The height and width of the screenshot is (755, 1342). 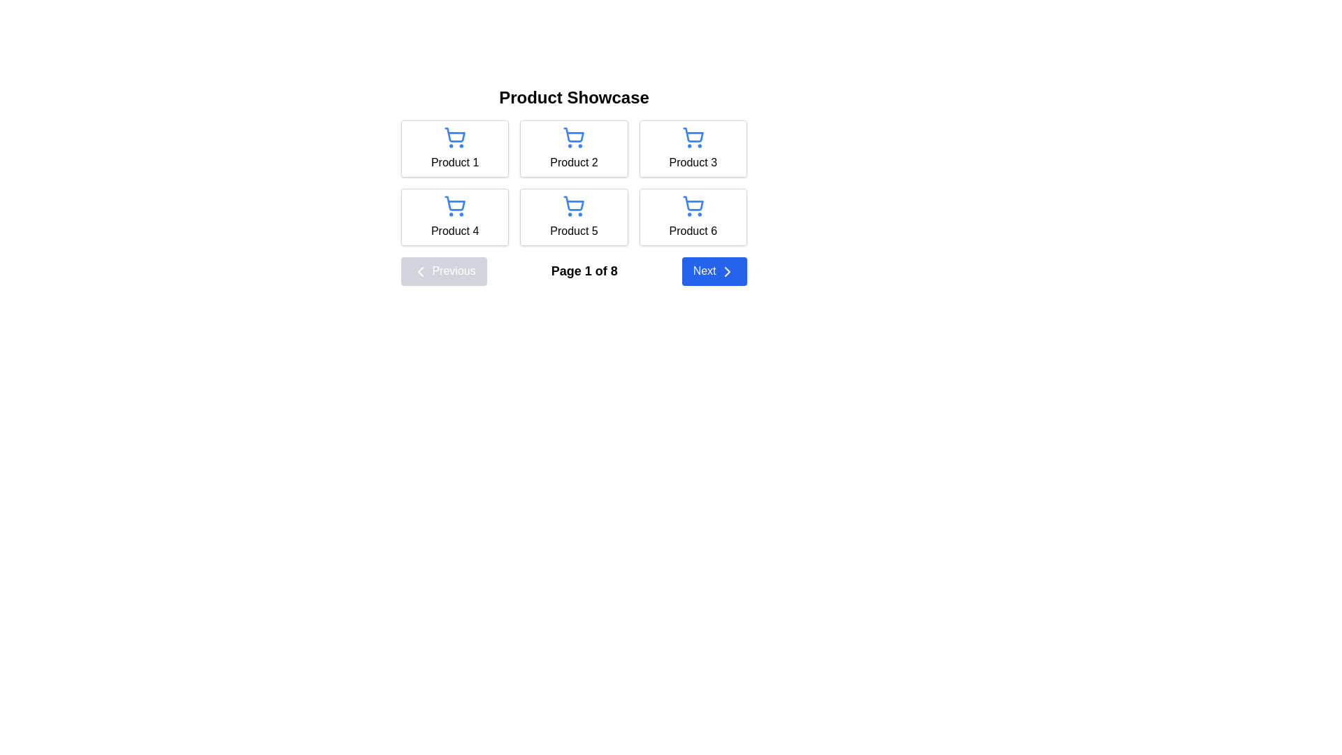 I want to click on the text label displaying 'Product 3', which is centrally positioned below a blue shopping cart icon in the third box of the first row, so click(x=693, y=161).